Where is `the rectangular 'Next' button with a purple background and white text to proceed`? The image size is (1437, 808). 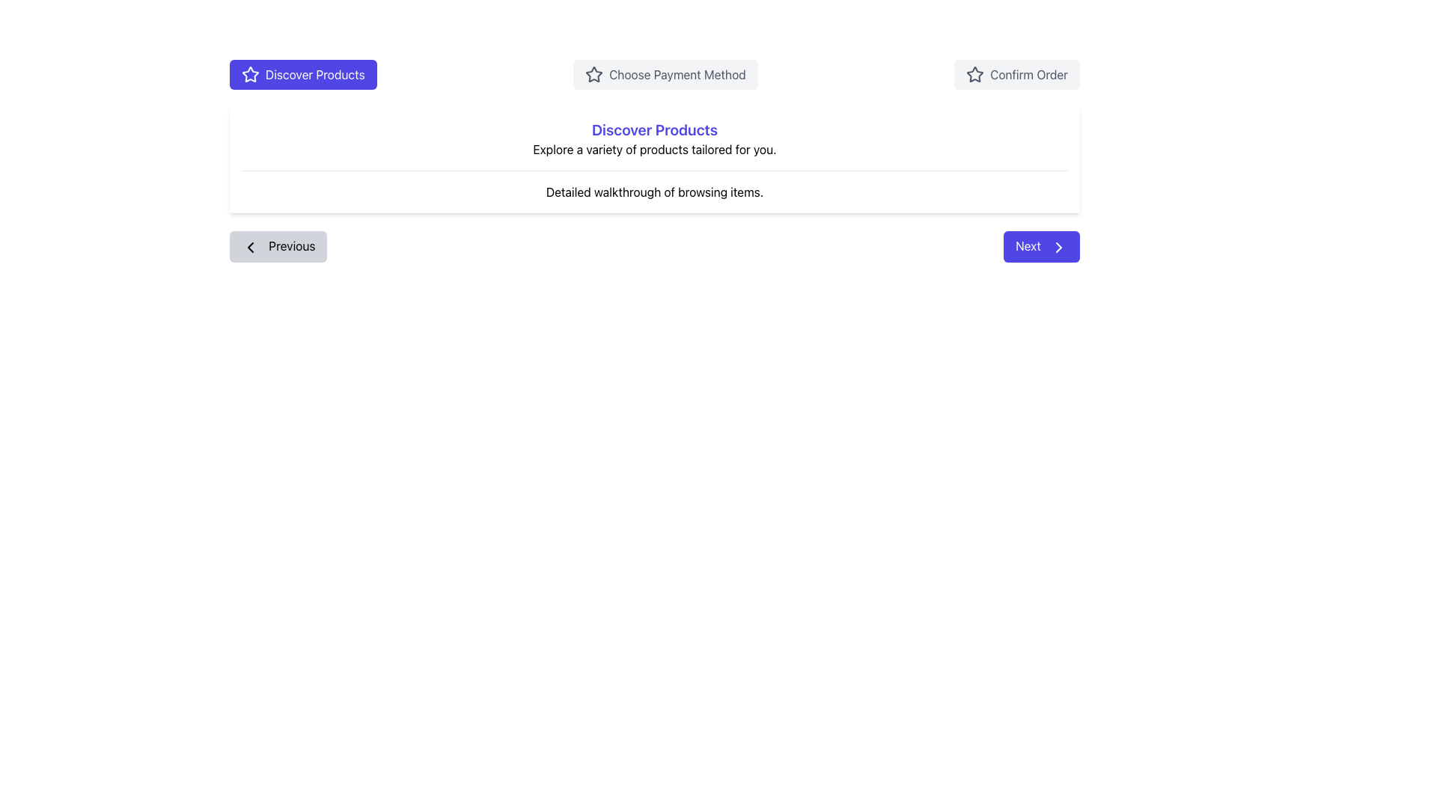 the rectangular 'Next' button with a purple background and white text to proceed is located at coordinates (1041, 245).